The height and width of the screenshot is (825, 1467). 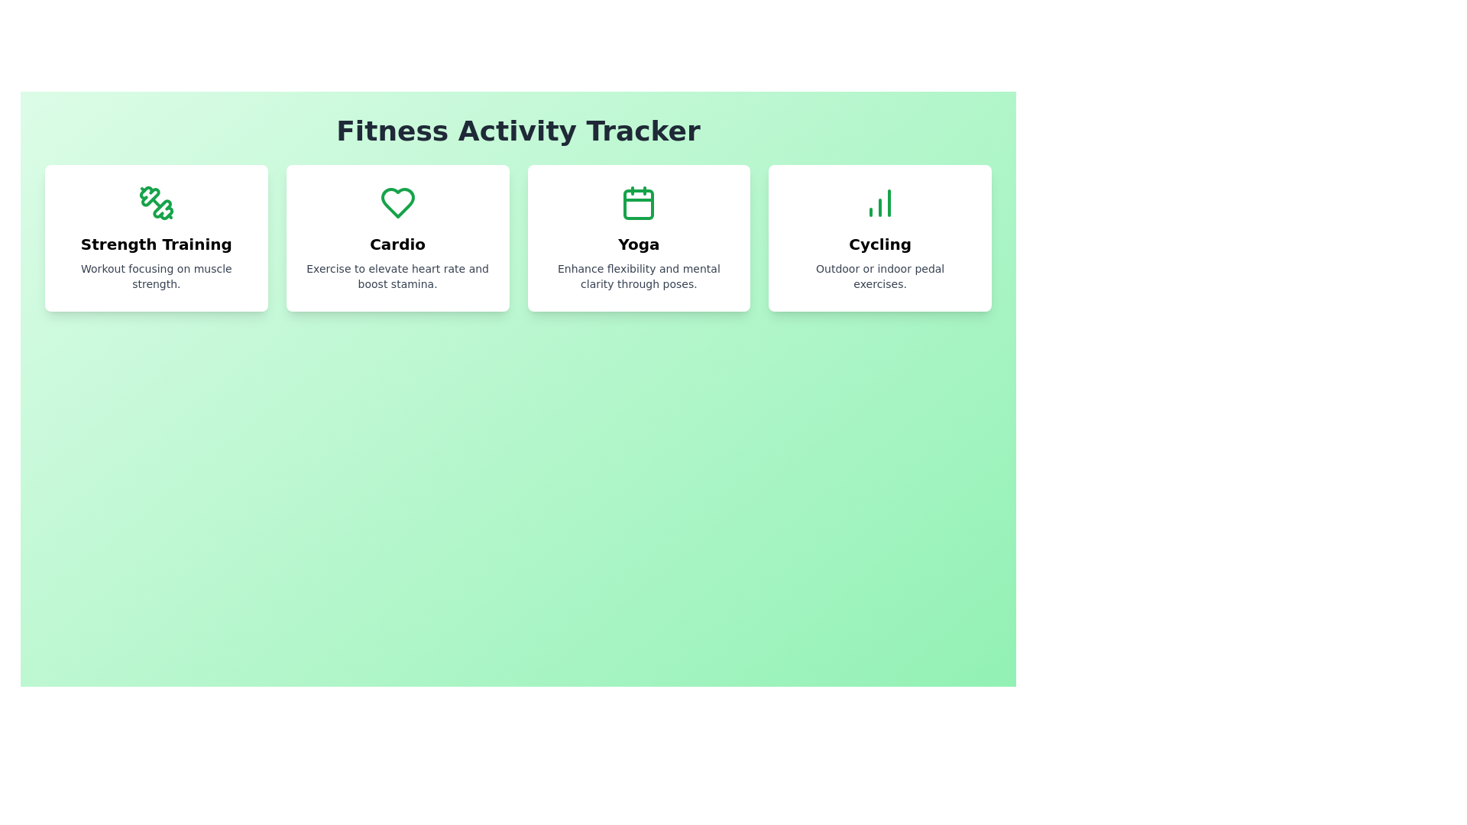 What do you see at coordinates (639, 277) in the screenshot?
I see `descriptive static text about the 'Yoga' activity located within the 'Yoga' card, positioned below the header 'Yoga' and the calendar icon` at bounding box center [639, 277].